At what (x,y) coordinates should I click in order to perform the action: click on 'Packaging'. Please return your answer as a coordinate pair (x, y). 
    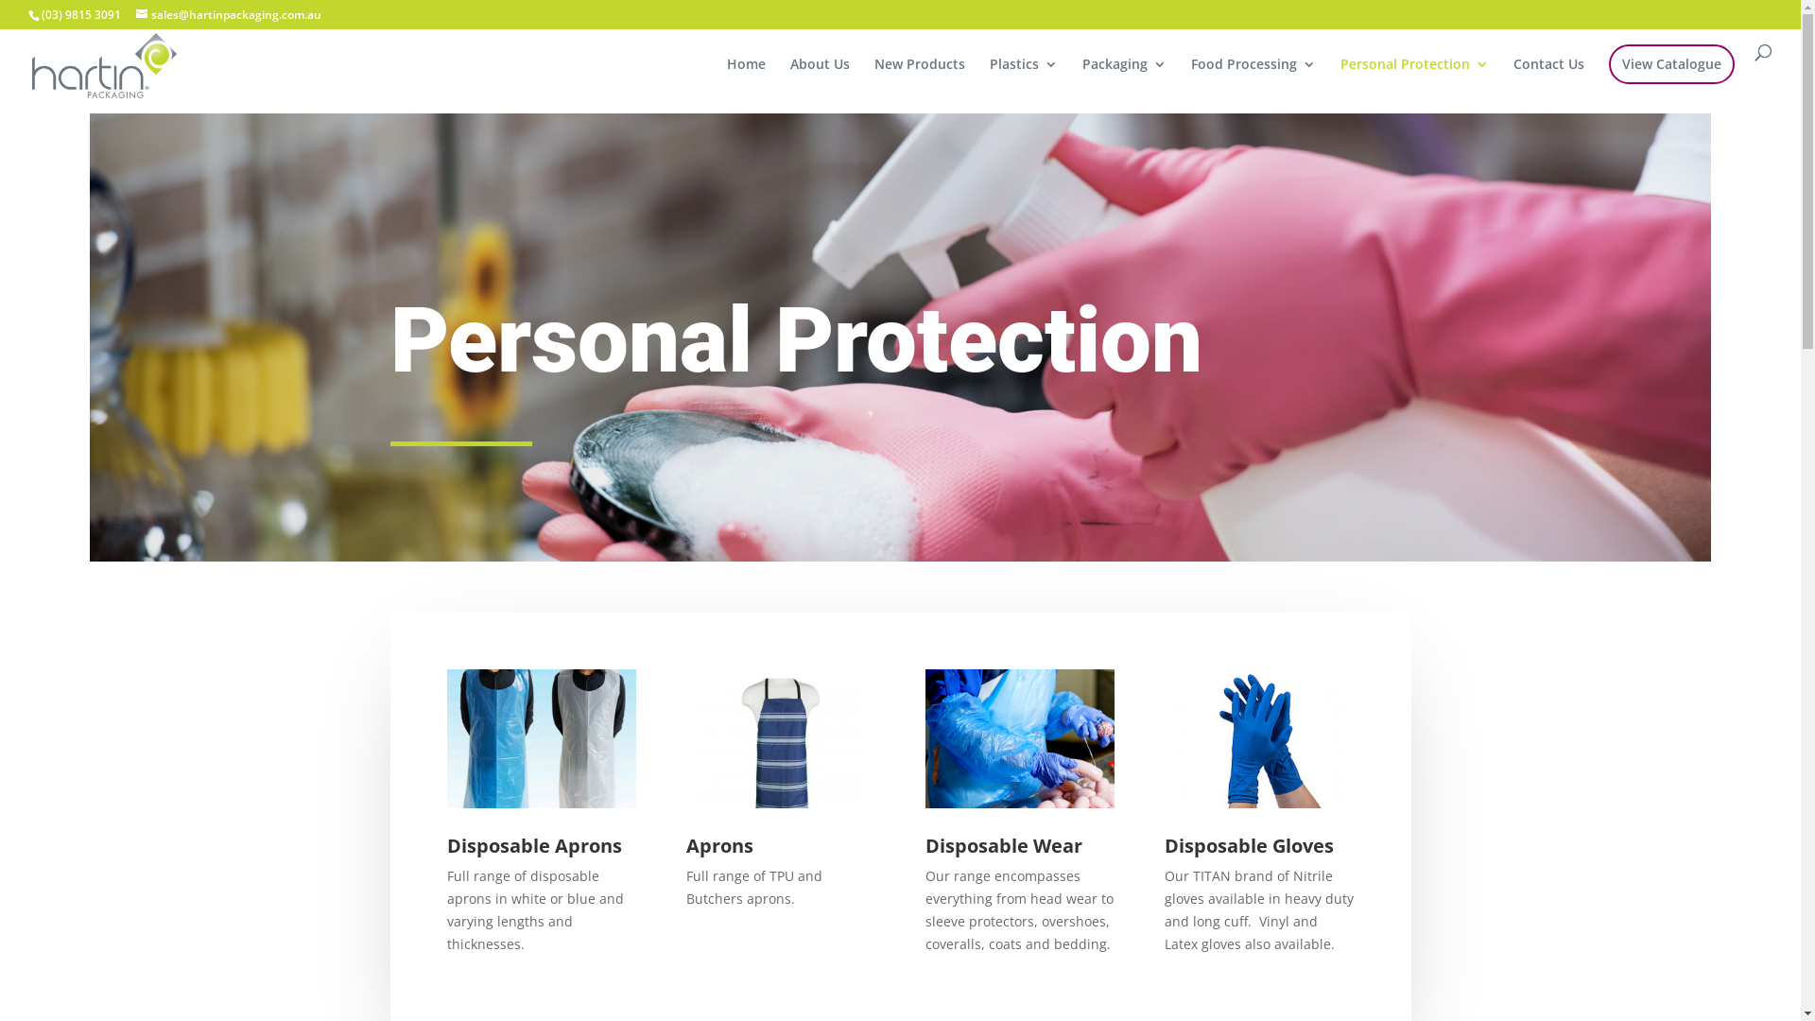
    Looking at the image, I should click on (1124, 78).